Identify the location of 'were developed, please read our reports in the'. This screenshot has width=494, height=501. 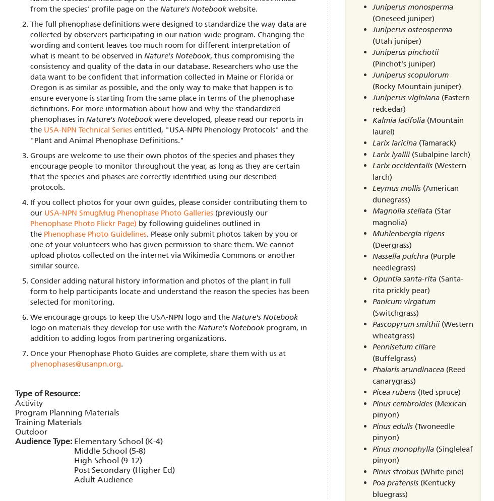
(167, 124).